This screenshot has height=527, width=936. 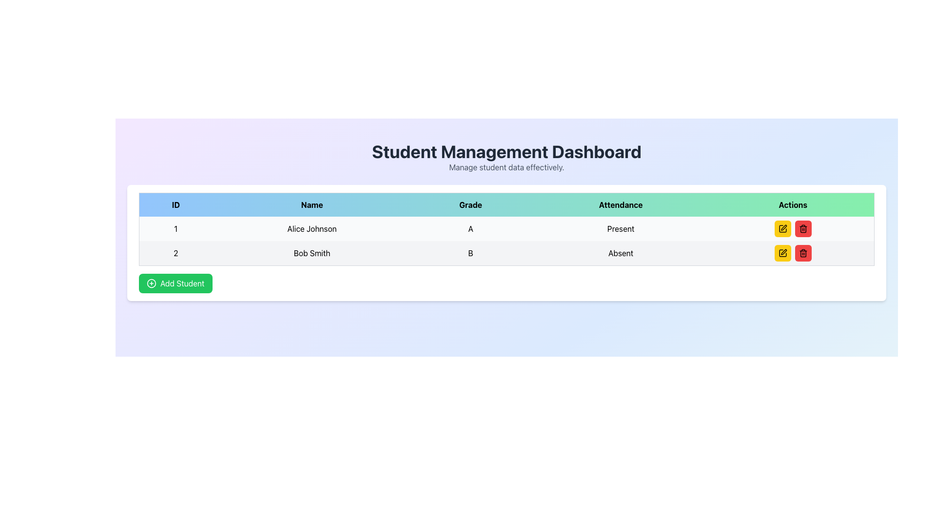 What do you see at coordinates (782, 253) in the screenshot?
I see `the pen icon button within the yellow square background located in the 'Actions' column of the second row of the data table` at bounding box center [782, 253].